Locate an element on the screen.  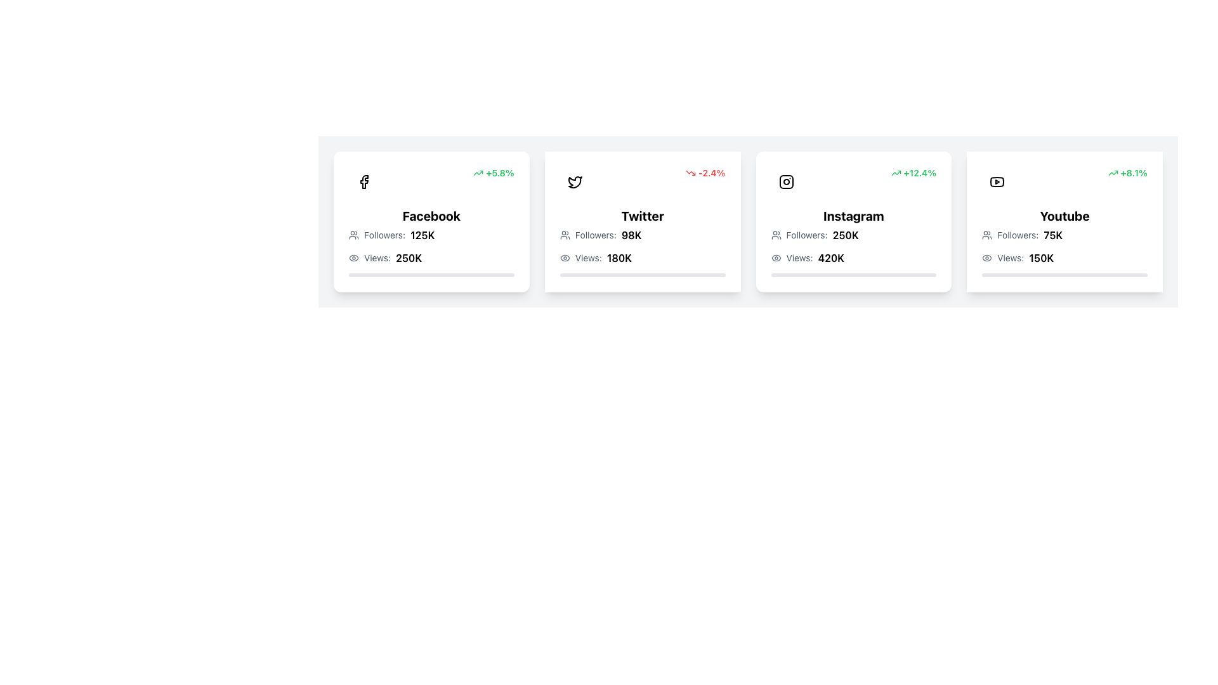
the static text label indicating the number of followers for the associated social media account, positioned between a user icon and the bold text '125K' in the Facebook analytics card is located at coordinates (384, 235).